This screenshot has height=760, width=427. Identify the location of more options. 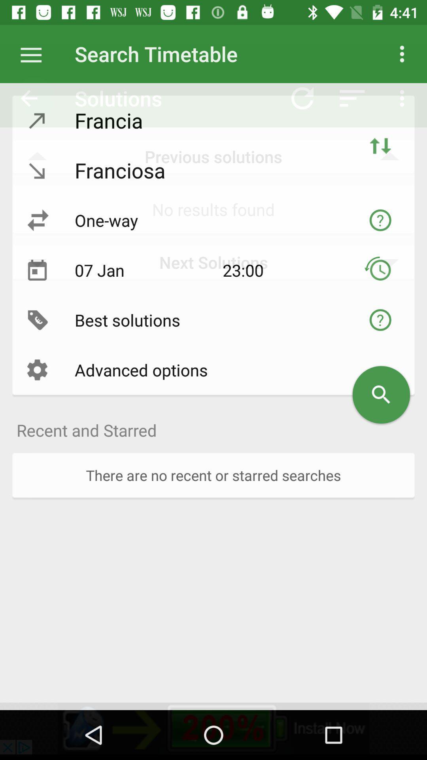
(35, 53).